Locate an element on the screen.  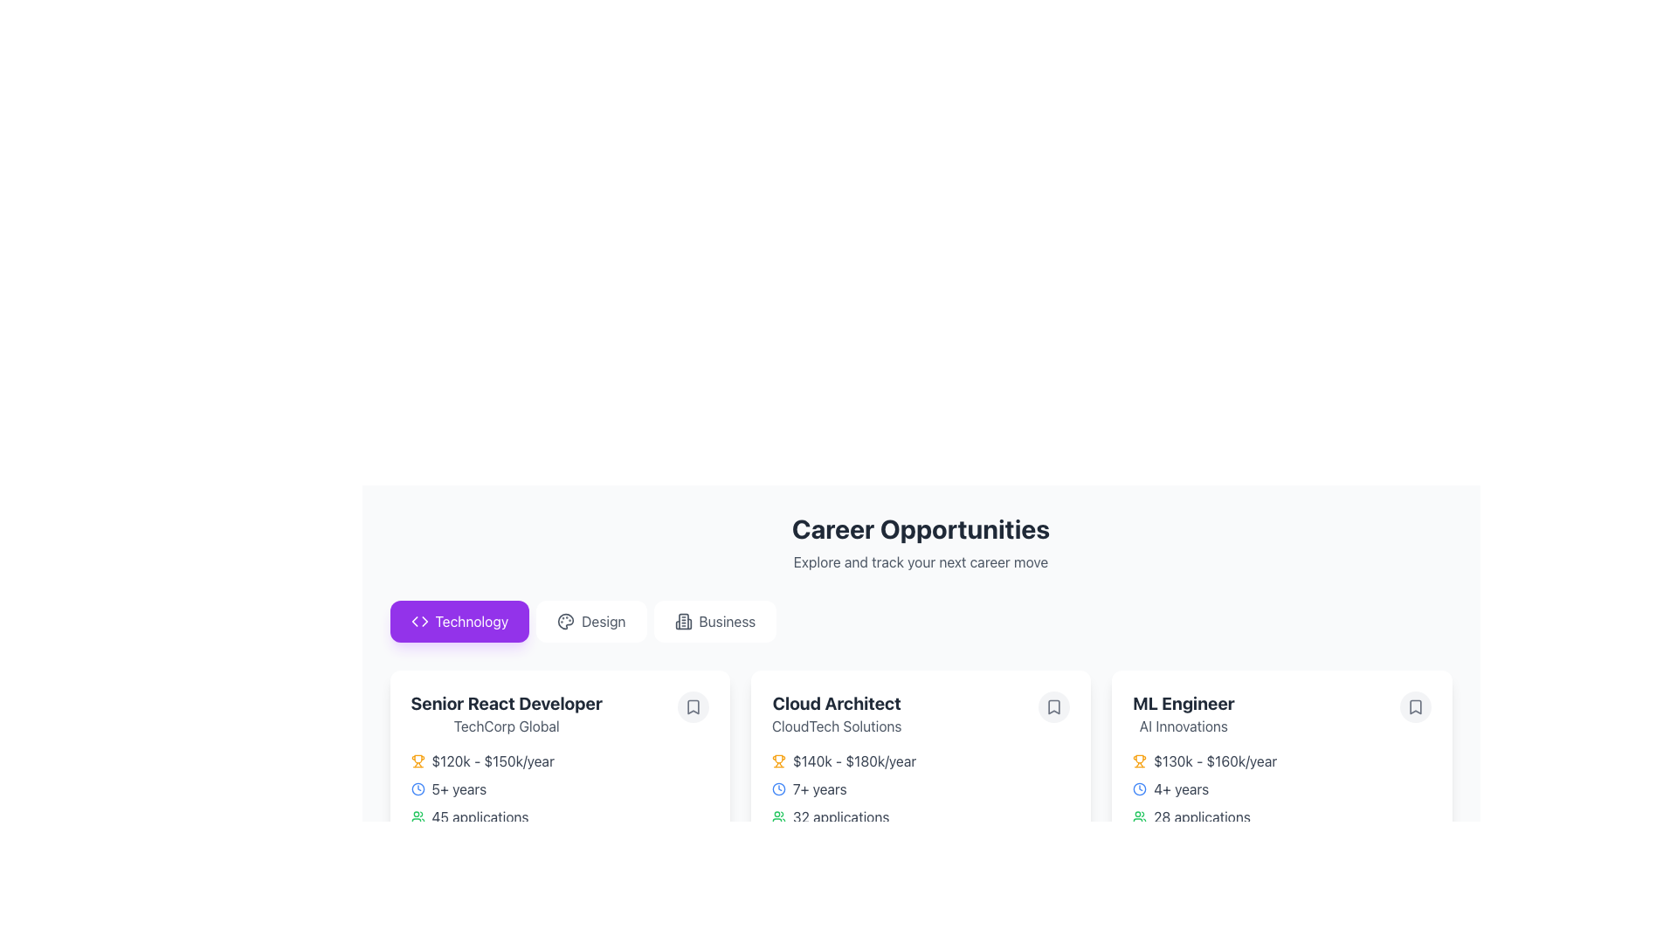
the 'Design' option in the horizontally arranged selection menu, which is the second element following 'Technology' is located at coordinates (604, 621).